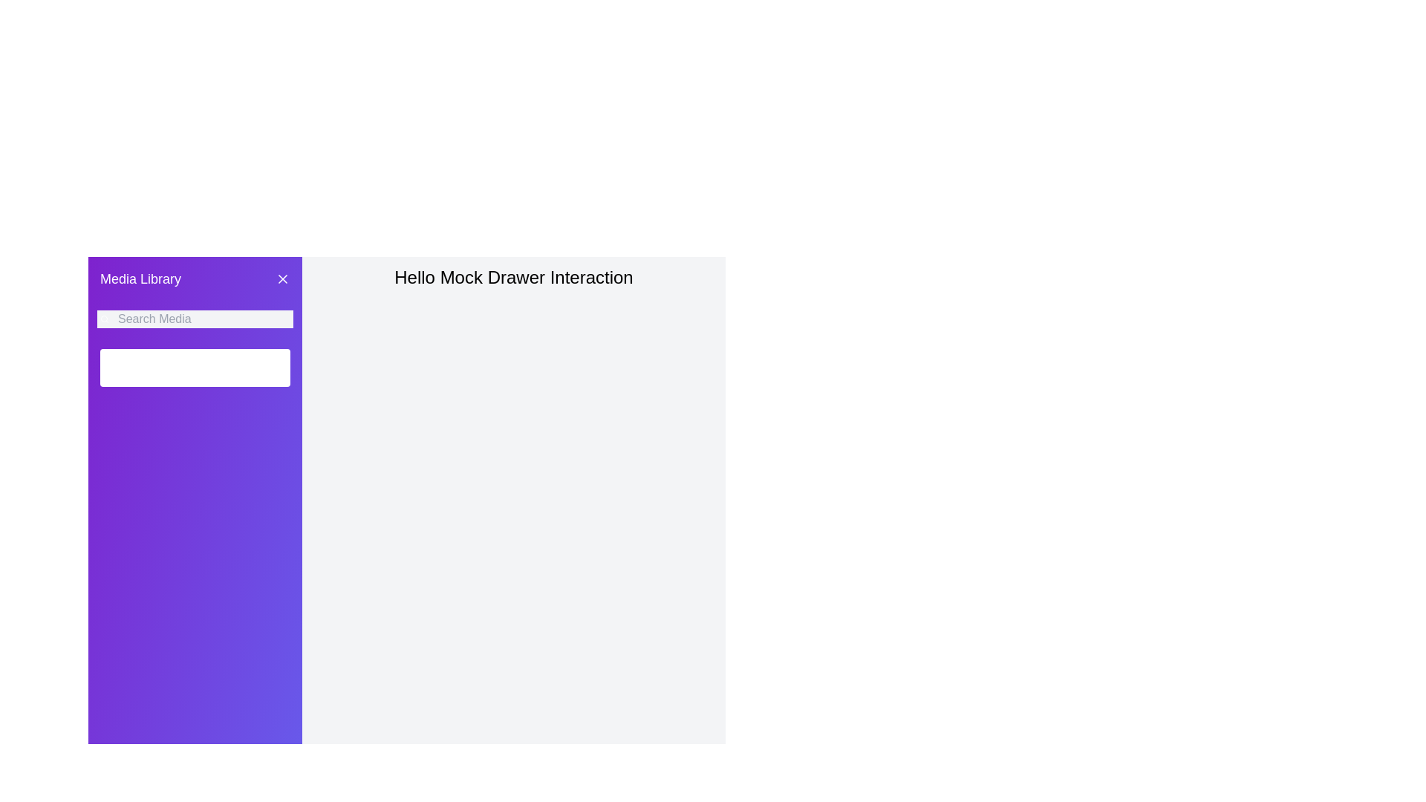  Describe the element at coordinates (103, 318) in the screenshot. I see `the small search icon, which is styled with rounded edges and outlined strokes, located to the left of the search input field` at that location.